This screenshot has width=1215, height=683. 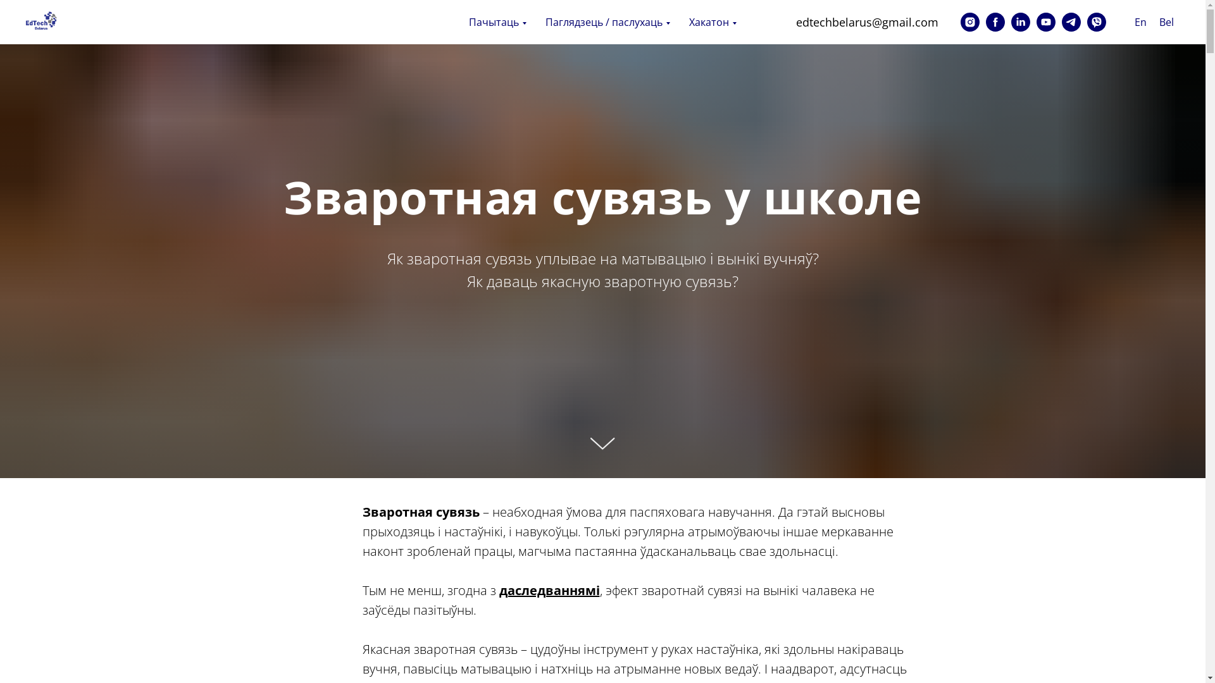 I want to click on 'Bel', so click(x=1166, y=22).